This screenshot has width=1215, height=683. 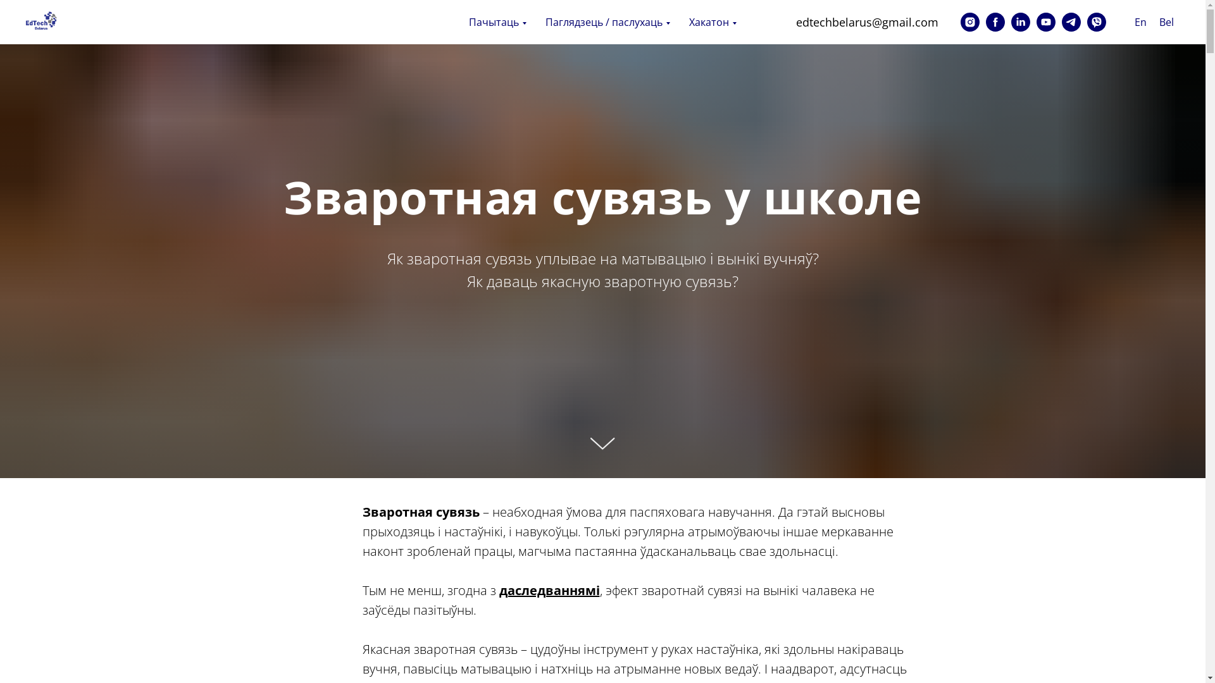 I want to click on 'Bel', so click(x=1166, y=22).